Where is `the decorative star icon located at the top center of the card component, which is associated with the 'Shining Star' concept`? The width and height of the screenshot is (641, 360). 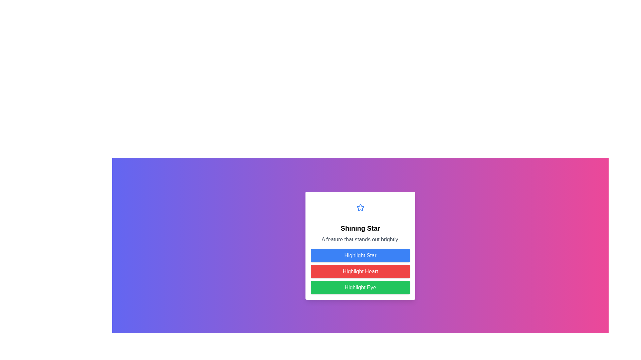
the decorative star icon located at the top center of the card component, which is associated with the 'Shining Star' concept is located at coordinates (360, 207).